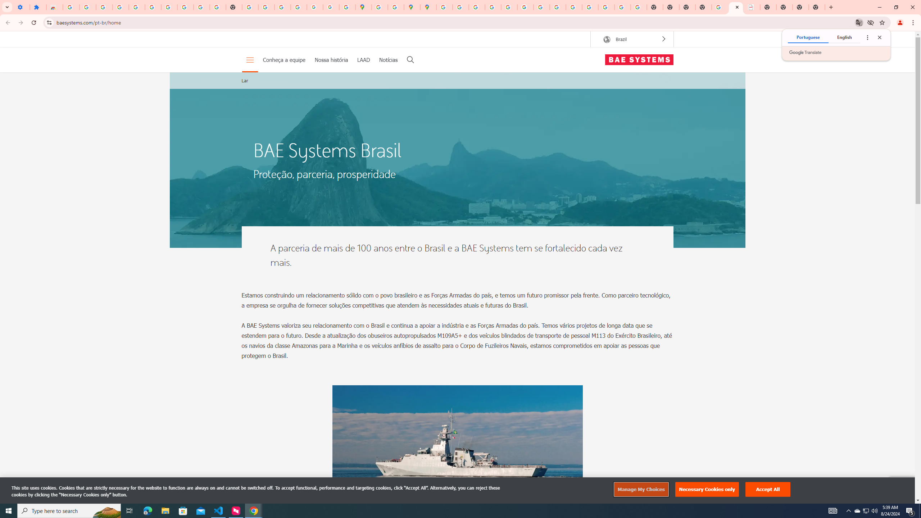 The image size is (921, 518). What do you see at coordinates (541, 7) in the screenshot?
I see `'YouTube'` at bounding box center [541, 7].